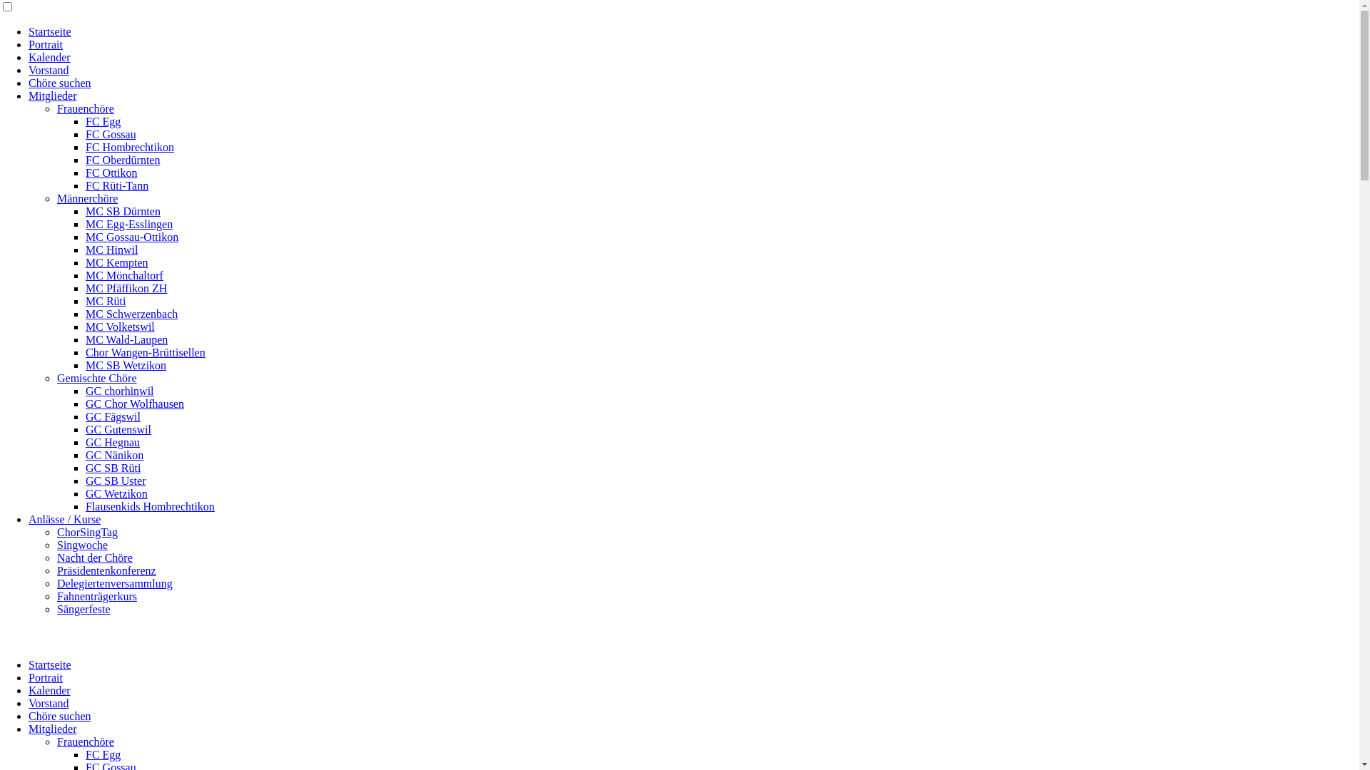  Describe the element at coordinates (57, 545) in the screenshot. I see `'Singwoche'` at that location.